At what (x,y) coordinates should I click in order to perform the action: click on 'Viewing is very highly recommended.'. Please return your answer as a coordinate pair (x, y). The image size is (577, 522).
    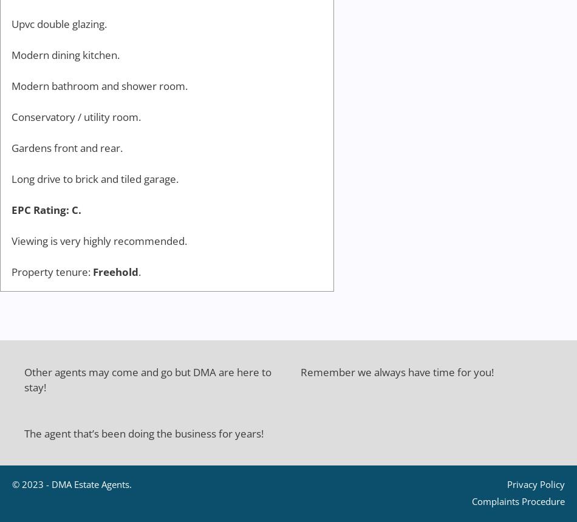
    Looking at the image, I should click on (99, 241).